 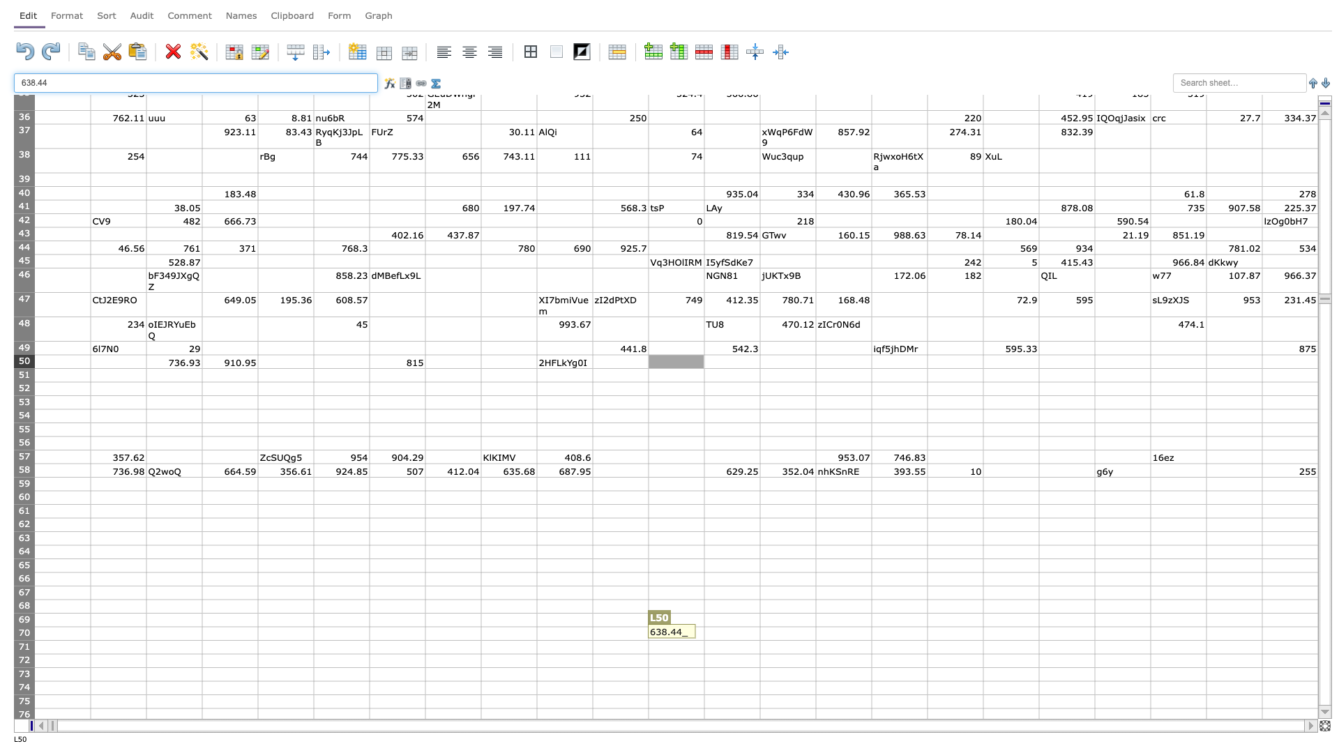 I want to click on fill handle point of P70, so click(x=927, y=640).